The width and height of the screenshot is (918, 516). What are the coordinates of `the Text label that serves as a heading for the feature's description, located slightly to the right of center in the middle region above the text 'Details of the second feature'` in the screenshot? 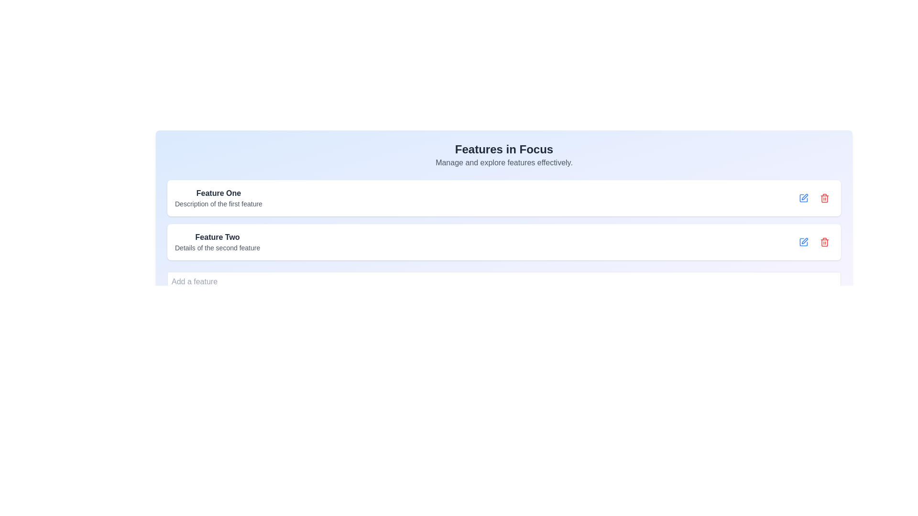 It's located at (217, 237).